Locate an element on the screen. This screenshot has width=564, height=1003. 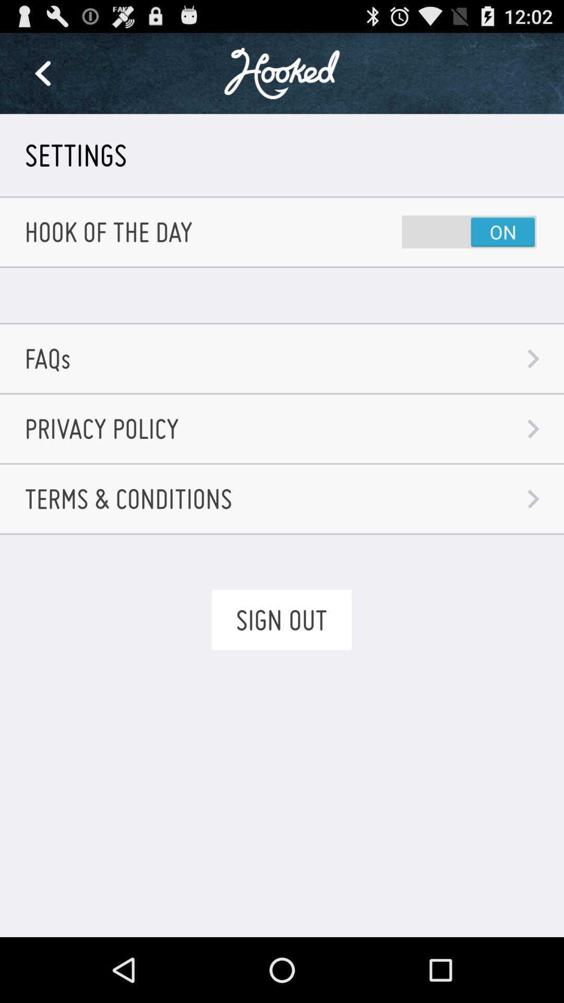
the arrow_backward icon is located at coordinates (42, 78).